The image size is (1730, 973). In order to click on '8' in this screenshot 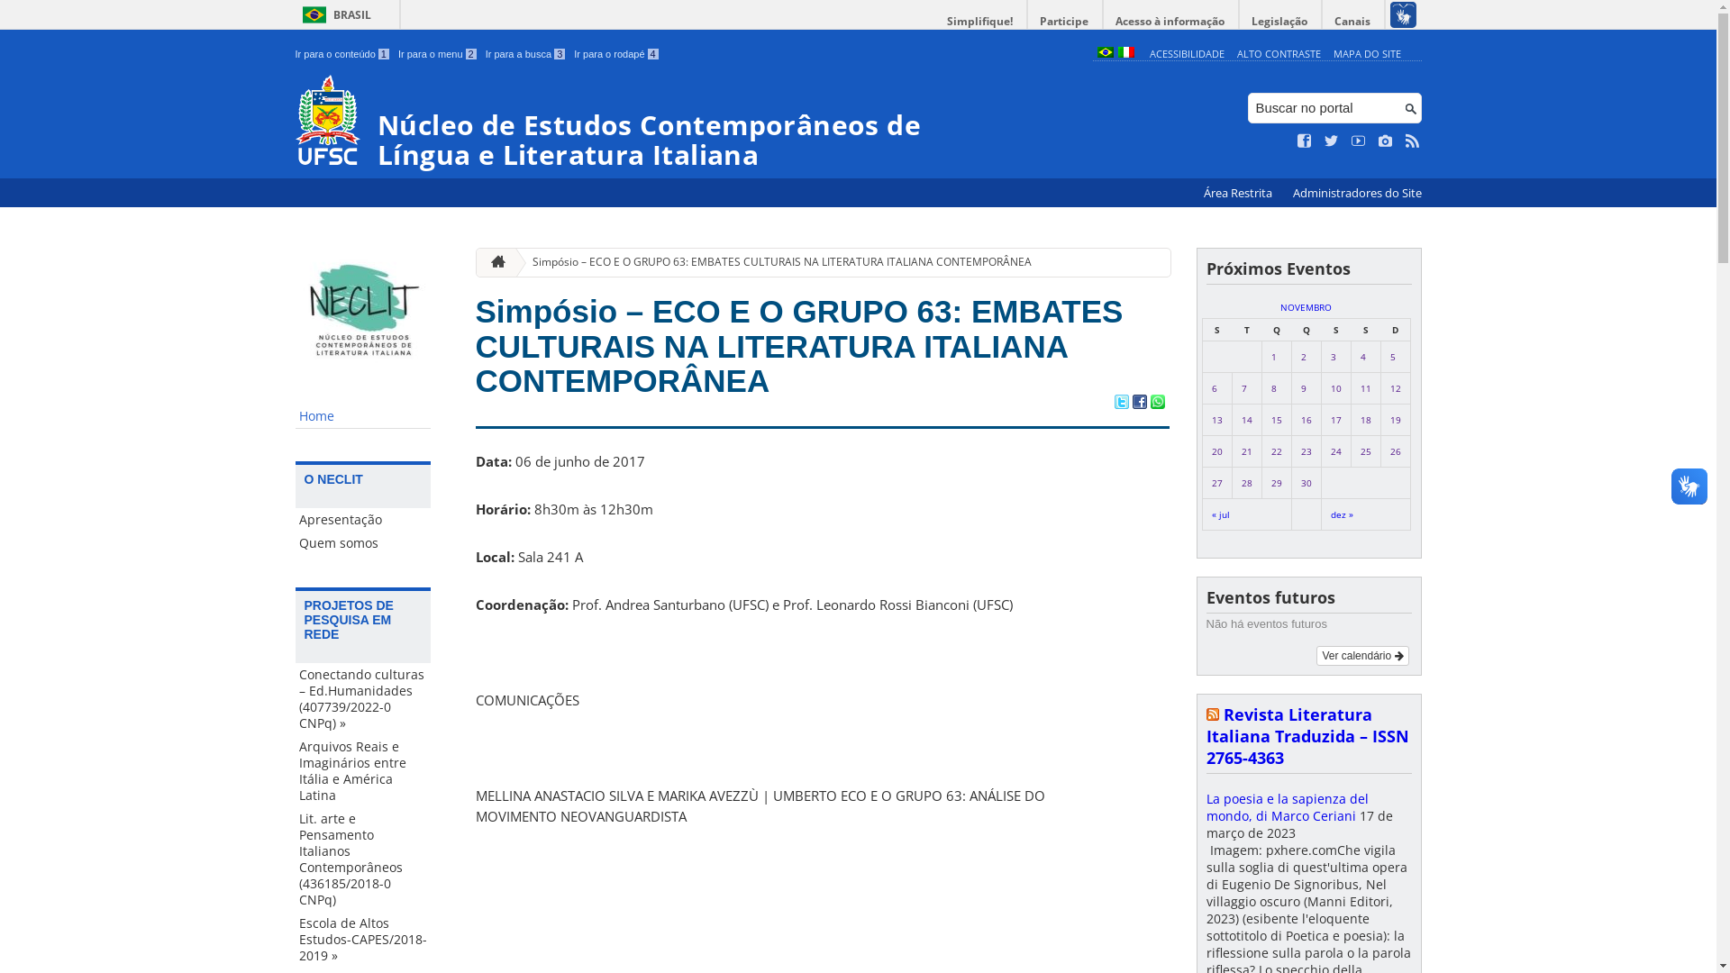, I will do `click(1271, 387)`.